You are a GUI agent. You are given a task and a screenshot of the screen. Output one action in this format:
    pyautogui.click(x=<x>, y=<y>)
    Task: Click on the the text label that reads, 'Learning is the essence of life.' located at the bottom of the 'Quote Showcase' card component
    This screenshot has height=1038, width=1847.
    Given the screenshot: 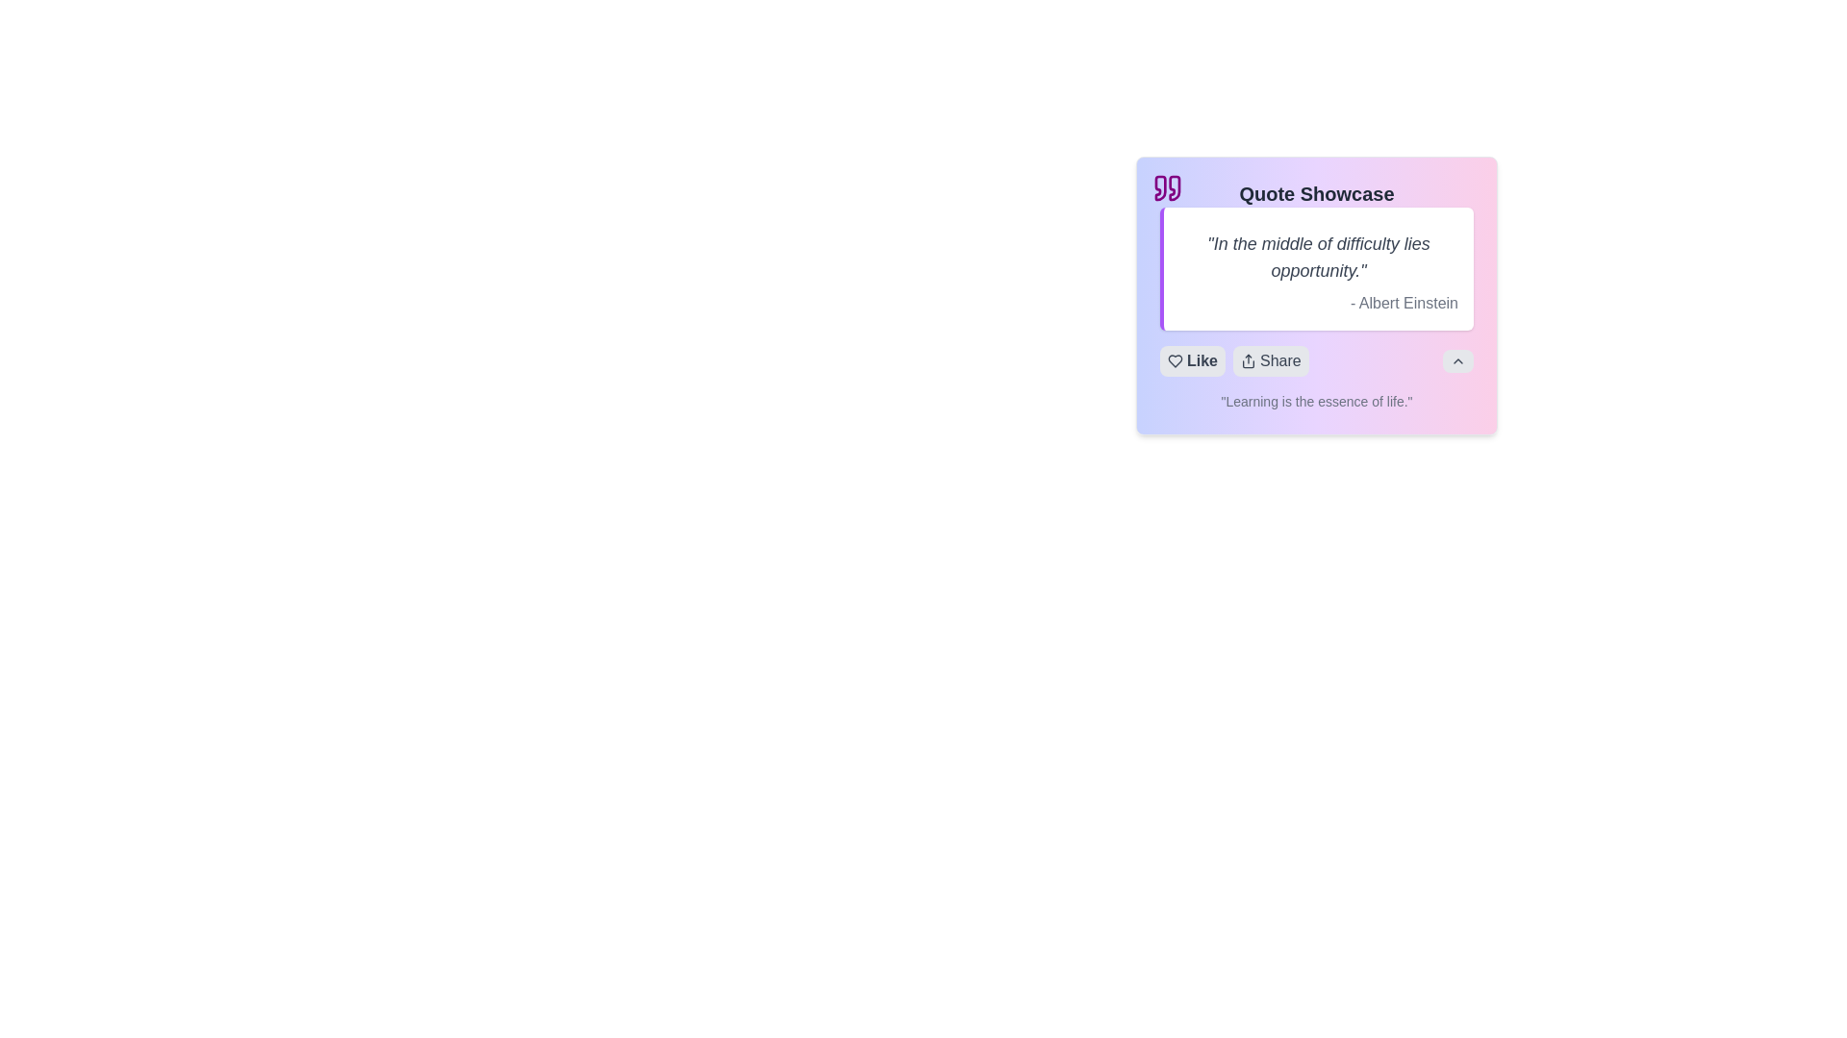 What is the action you would take?
    pyautogui.click(x=1315, y=400)
    